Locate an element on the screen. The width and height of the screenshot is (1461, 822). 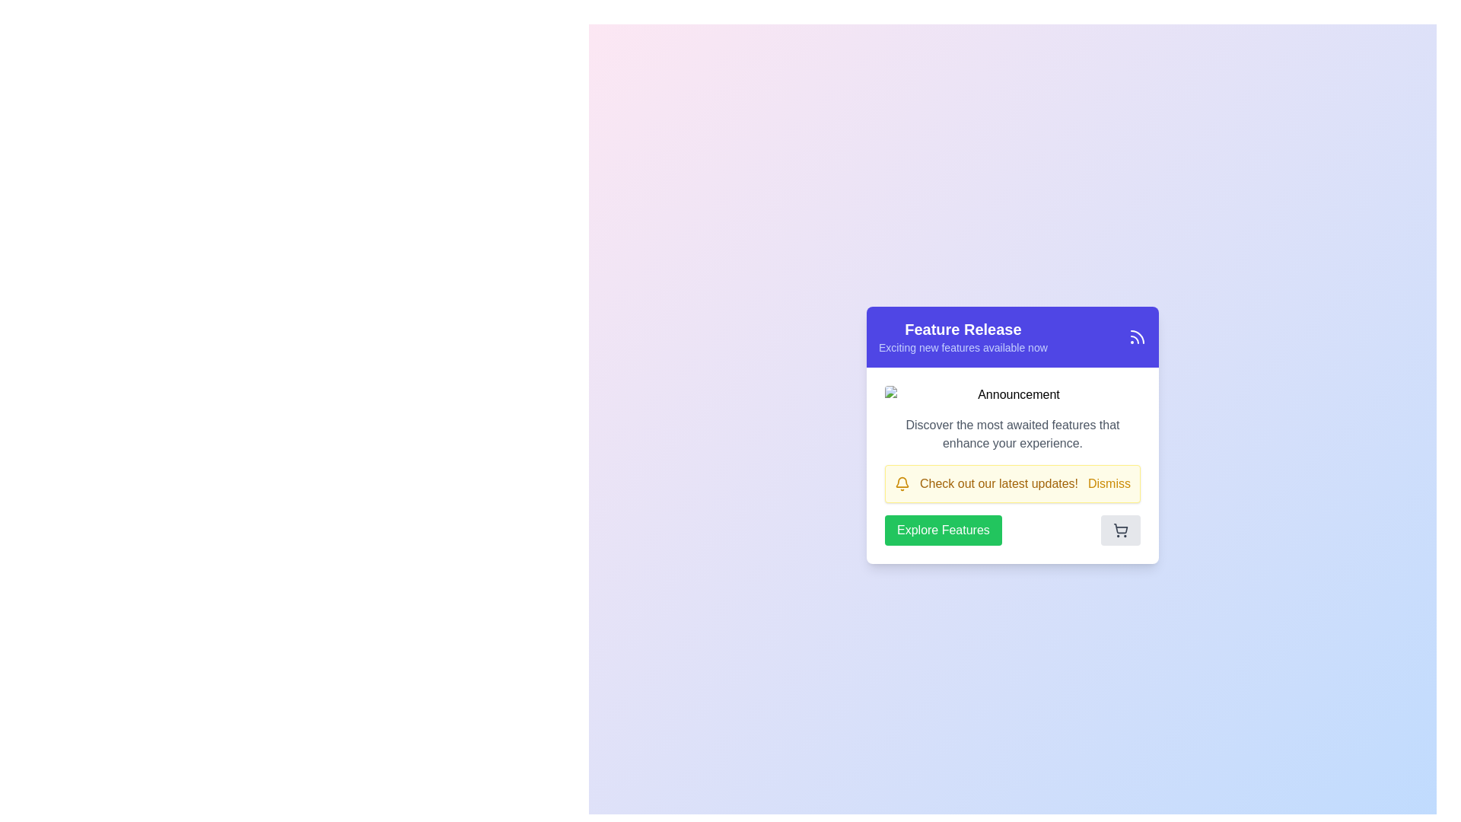
the text label located below the bold title 'Feature Release' in the header section of a card layout, styled with a small font size and light indigo color is located at coordinates (962, 347).